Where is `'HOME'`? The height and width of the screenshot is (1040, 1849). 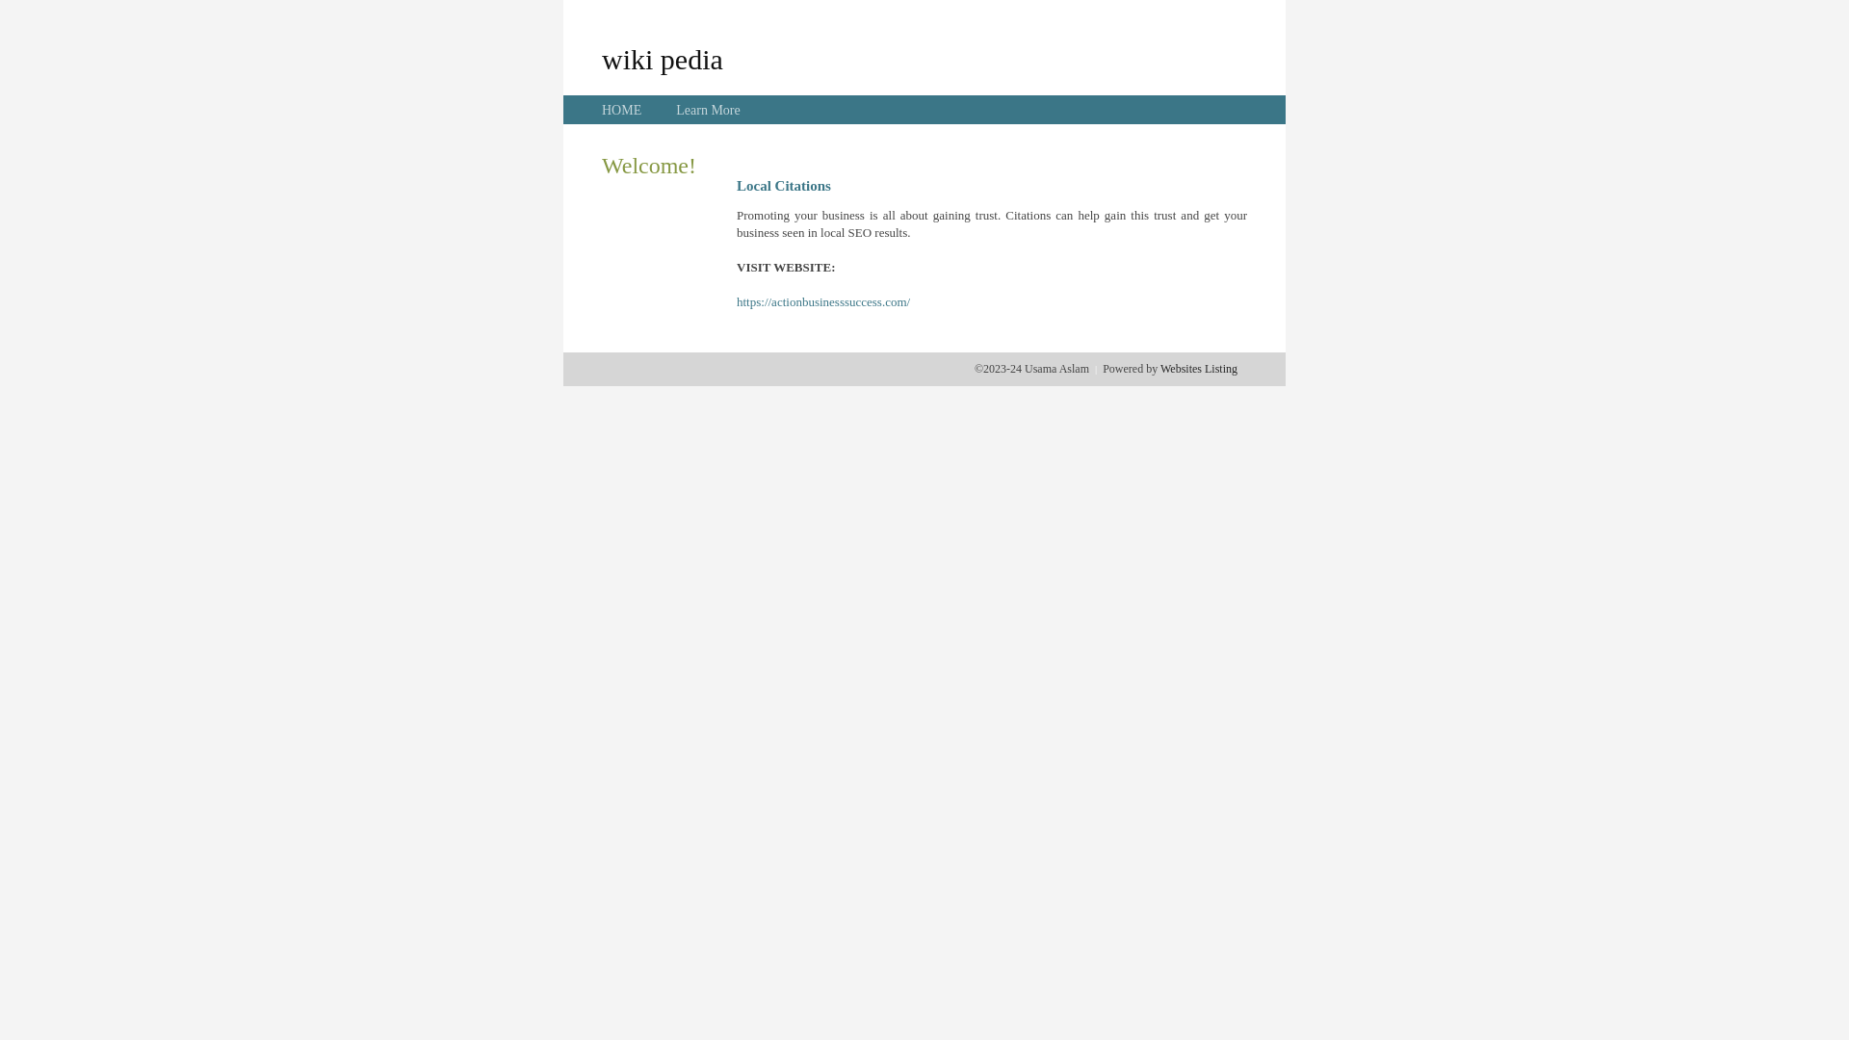
'HOME' is located at coordinates (621, 110).